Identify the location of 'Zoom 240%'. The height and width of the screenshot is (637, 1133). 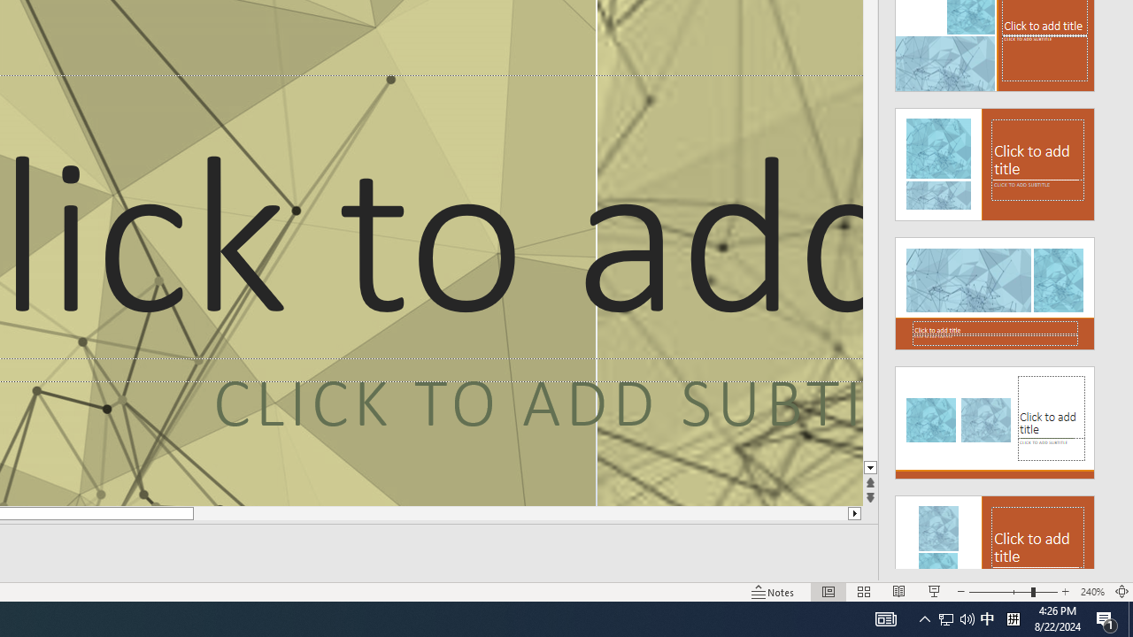
(1091, 592).